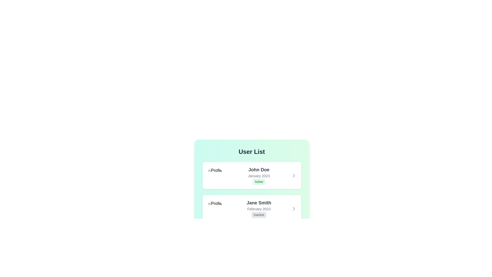  Describe the element at coordinates (215, 175) in the screenshot. I see `the profile picture of John Doe to inspect it` at that location.